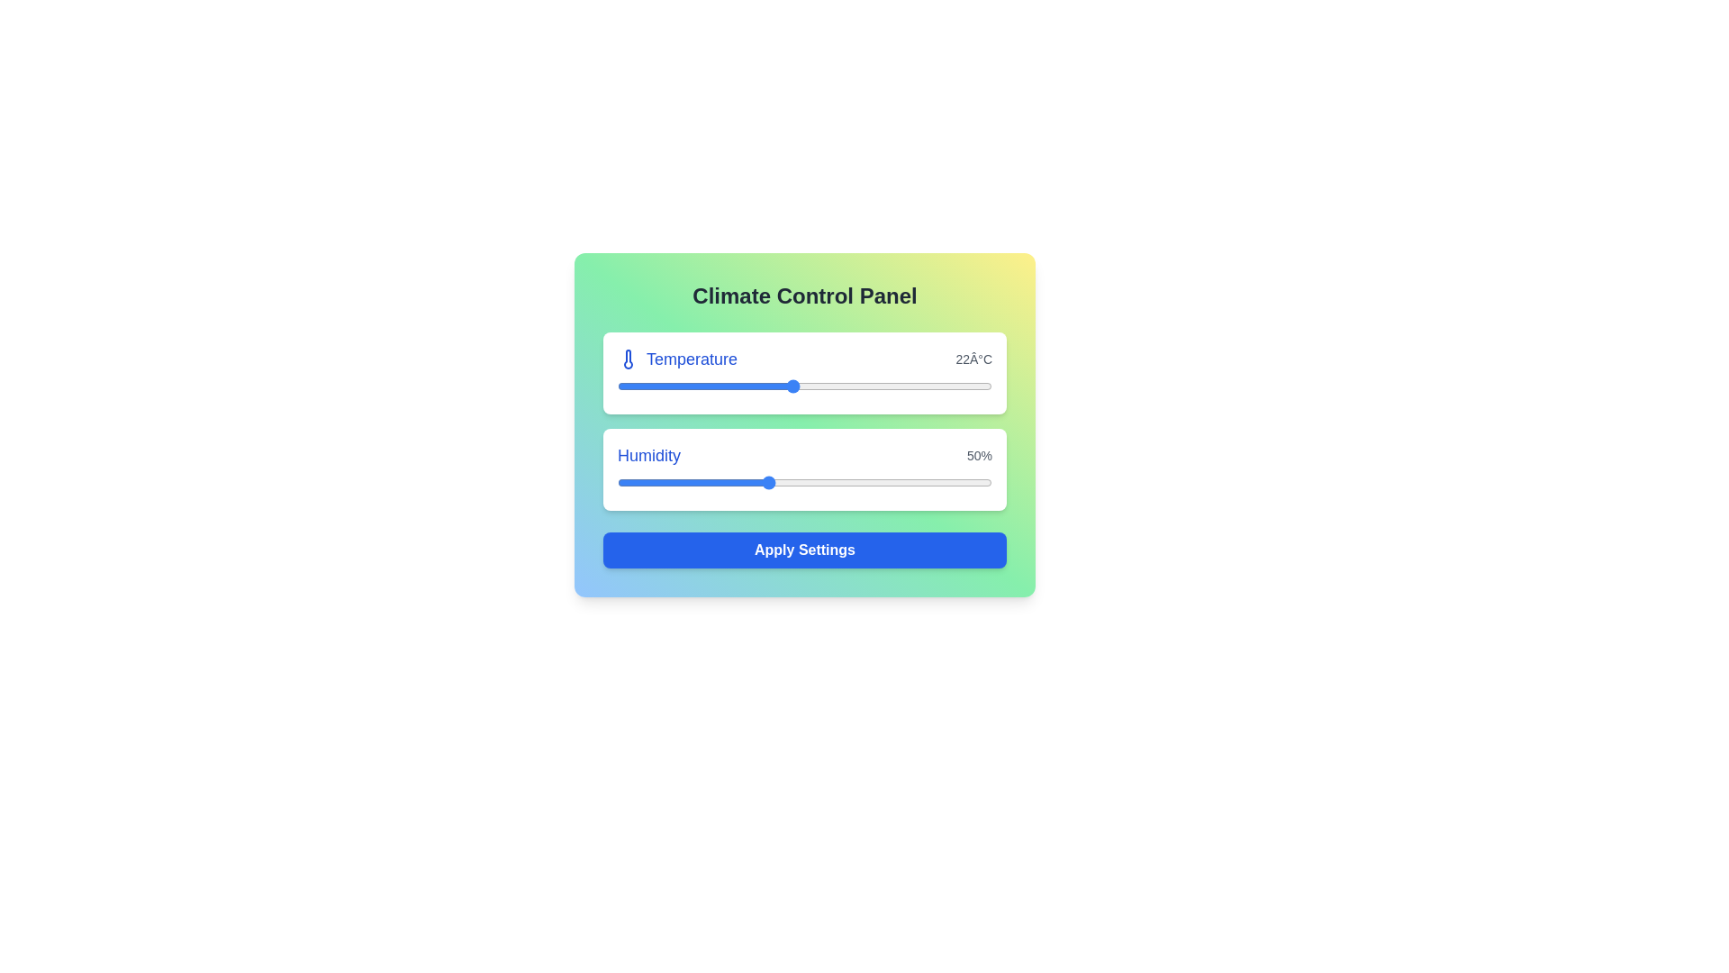 The width and height of the screenshot is (1729, 973). Describe the element at coordinates (676, 359) in the screenshot. I see `the Text Label that indicates the temperature control functionality, located at the top center of the Climate Control Panel, immediately to the right of the thermometer icon` at that location.